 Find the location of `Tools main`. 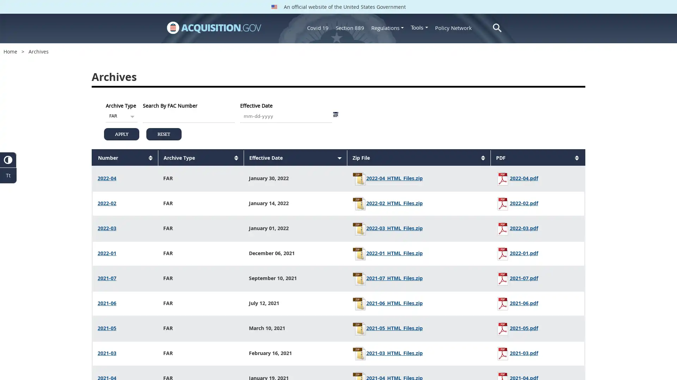

Tools main is located at coordinates (419, 27).